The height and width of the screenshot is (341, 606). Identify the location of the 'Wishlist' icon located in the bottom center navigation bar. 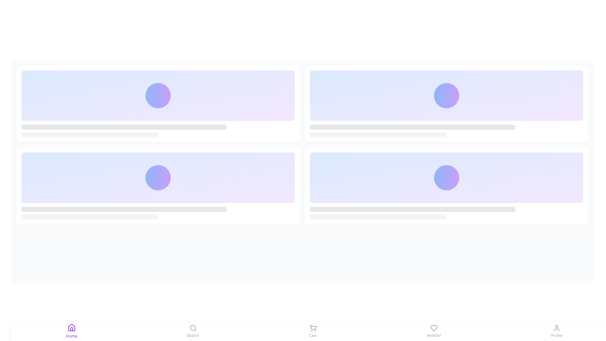
(433, 327).